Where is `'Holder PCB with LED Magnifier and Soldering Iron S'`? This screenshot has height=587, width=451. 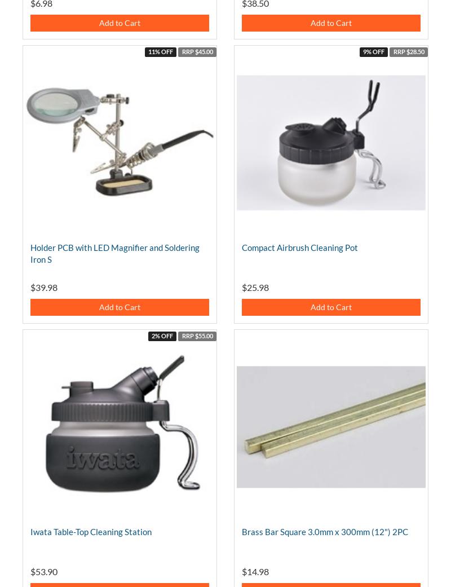 'Holder PCB with LED Magnifier and Soldering Iron S' is located at coordinates (115, 252).